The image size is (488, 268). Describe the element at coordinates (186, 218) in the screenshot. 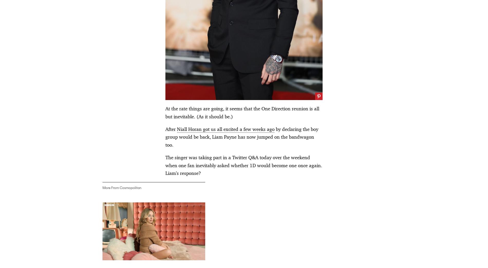

I see `'Customer Service'` at that location.